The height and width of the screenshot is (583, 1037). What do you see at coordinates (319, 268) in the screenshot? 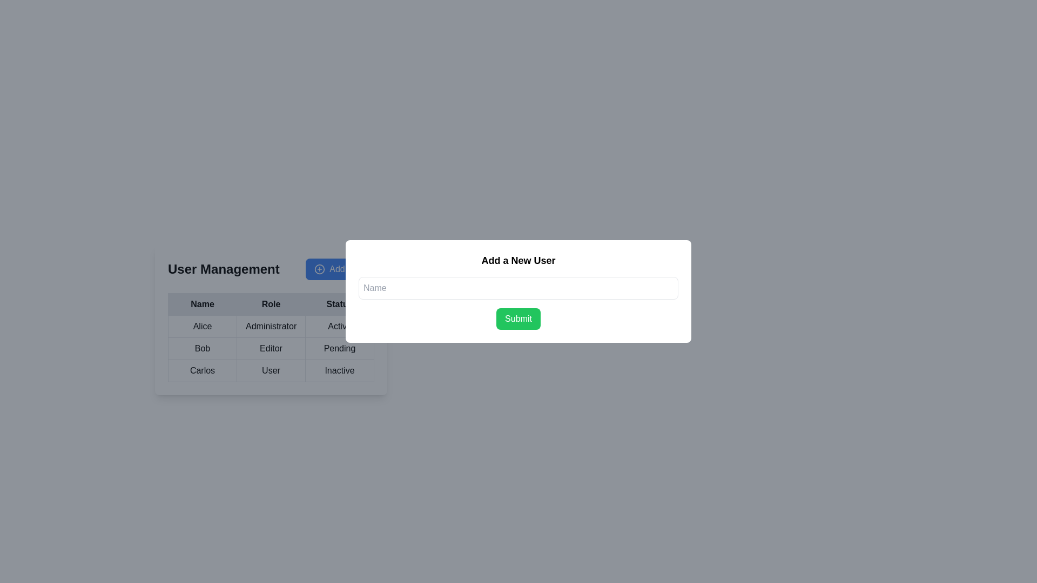
I see `the icon representing the action of adding a user, which is located to the immediate left of the 'Add User' text in the button at the top-right of the user management interface` at bounding box center [319, 268].